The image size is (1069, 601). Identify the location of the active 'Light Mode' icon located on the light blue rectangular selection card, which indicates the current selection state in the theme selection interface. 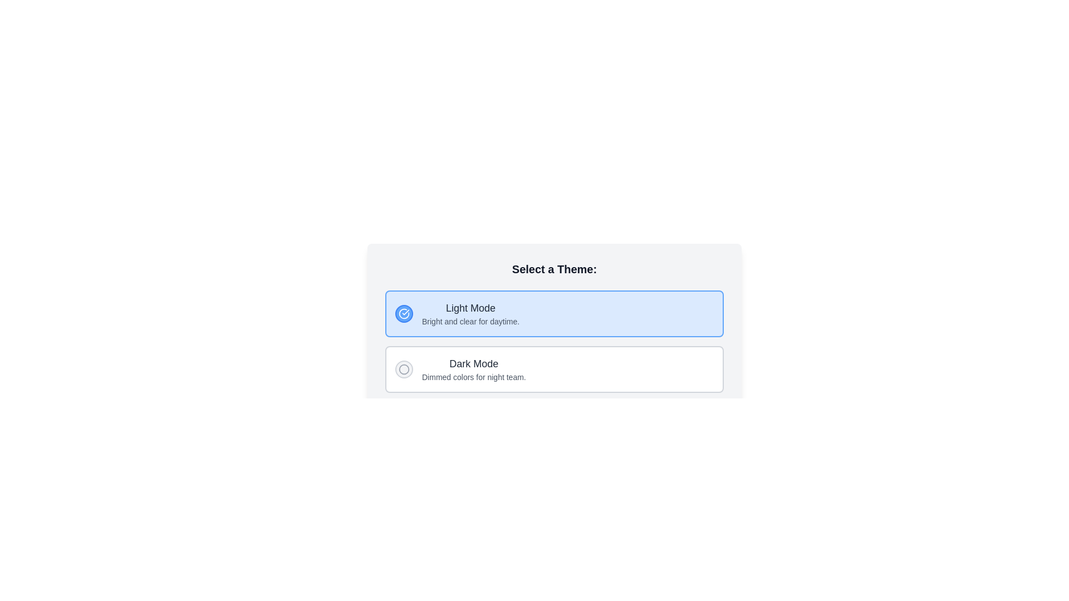
(403, 313).